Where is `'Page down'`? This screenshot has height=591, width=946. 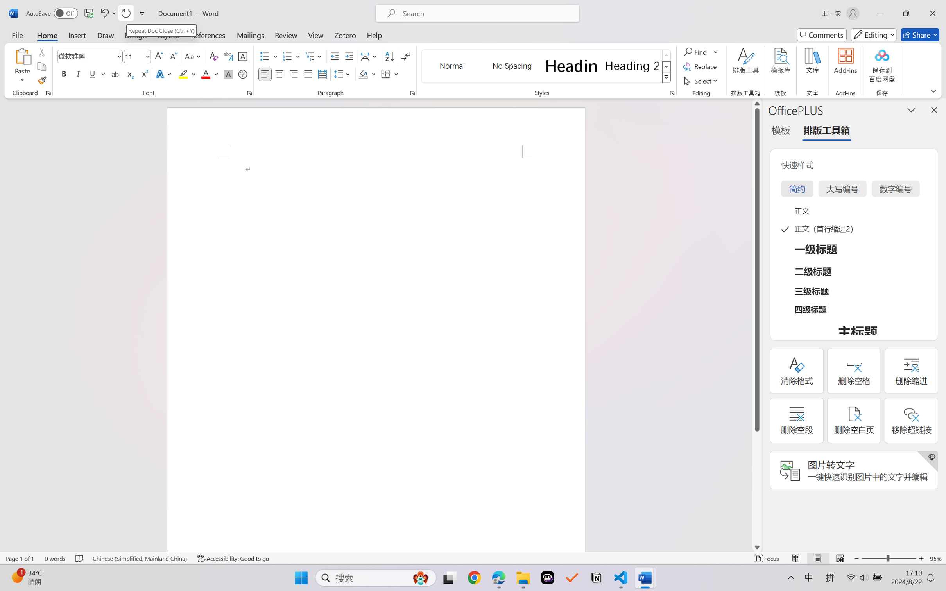
'Page down' is located at coordinates (757, 487).